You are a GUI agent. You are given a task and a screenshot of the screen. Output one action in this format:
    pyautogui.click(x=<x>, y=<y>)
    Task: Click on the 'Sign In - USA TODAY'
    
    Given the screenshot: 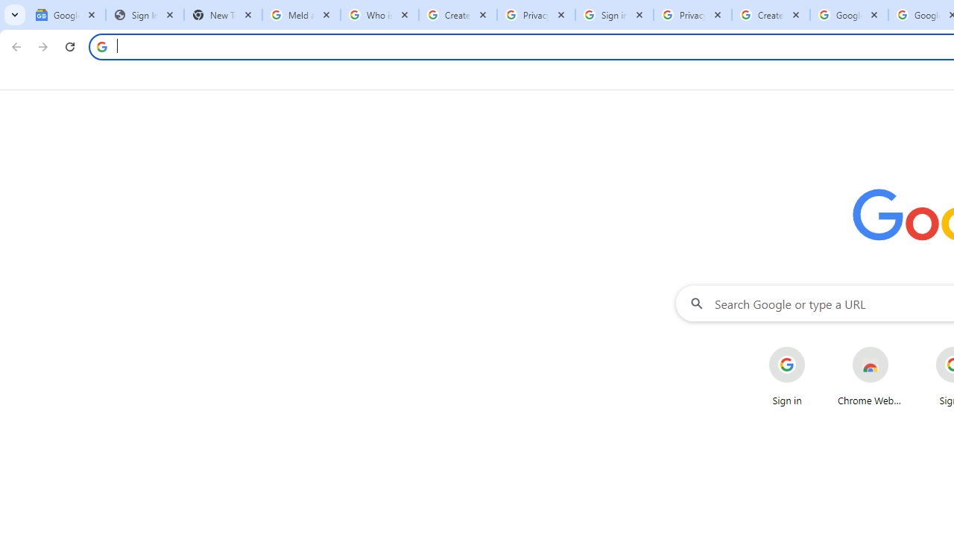 What is the action you would take?
    pyautogui.click(x=145, y=15)
    